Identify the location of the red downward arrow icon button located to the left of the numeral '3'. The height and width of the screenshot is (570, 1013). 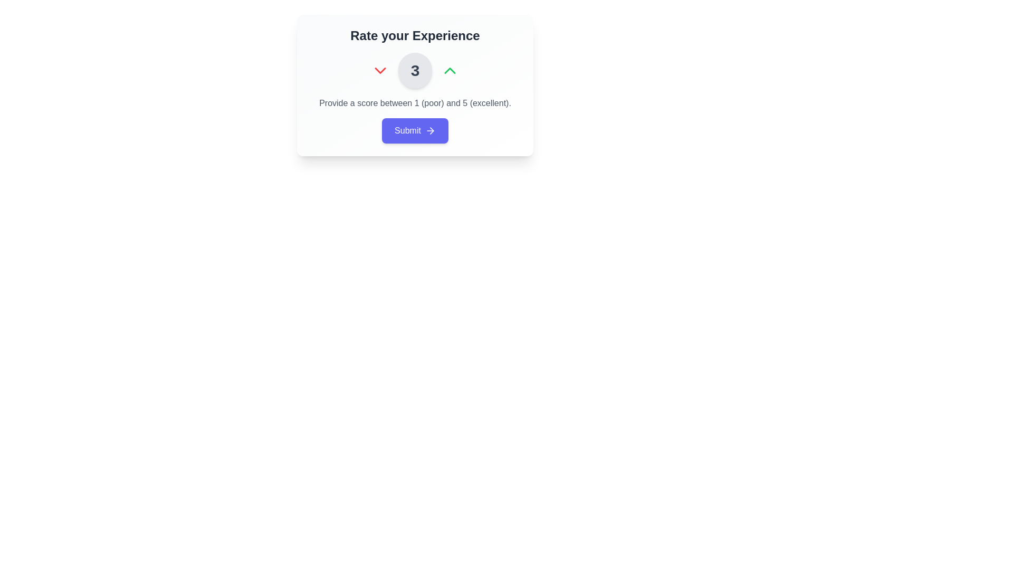
(380, 71).